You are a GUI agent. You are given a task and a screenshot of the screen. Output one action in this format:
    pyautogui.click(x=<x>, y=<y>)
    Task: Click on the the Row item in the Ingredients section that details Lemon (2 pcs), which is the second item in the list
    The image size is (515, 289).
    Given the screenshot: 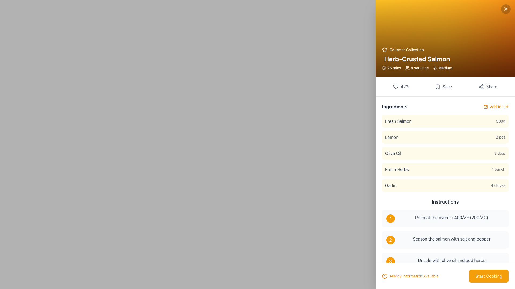 What is the action you would take?
    pyautogui.click(x=445, y=137)
    